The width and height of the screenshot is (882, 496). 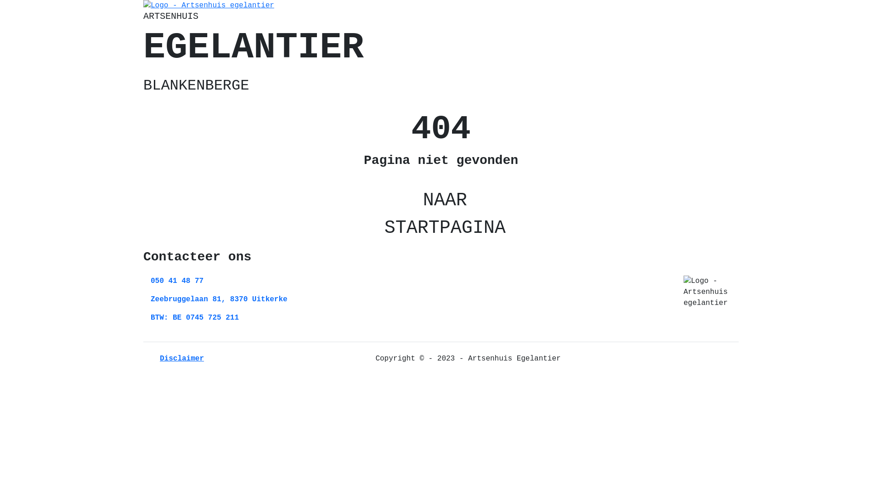 What do you see at coordinates (218, 299) in the screenshot?
I see `'Zeebruggelaan 81, 8370 Uitkerke'` at bounding box center [218, 299].